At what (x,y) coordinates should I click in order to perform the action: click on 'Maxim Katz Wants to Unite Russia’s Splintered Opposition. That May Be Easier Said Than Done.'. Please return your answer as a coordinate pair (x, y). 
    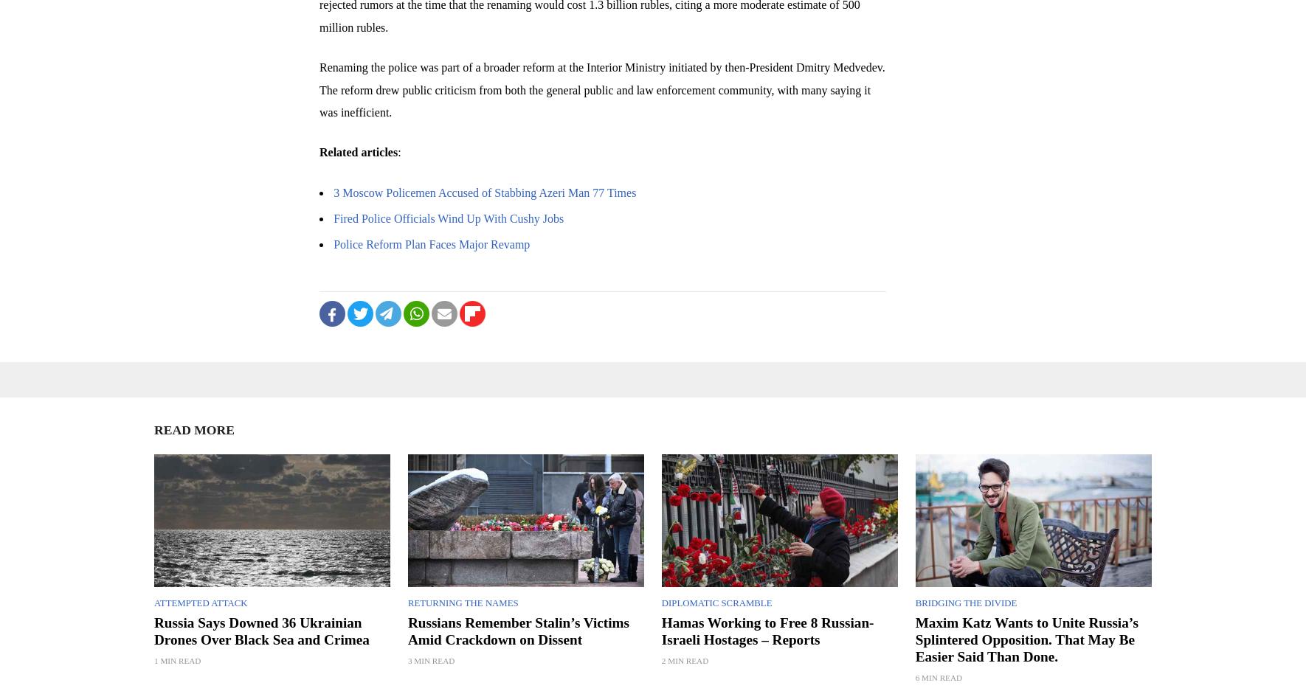
    Looking at the image, I should click on (1026, 639).